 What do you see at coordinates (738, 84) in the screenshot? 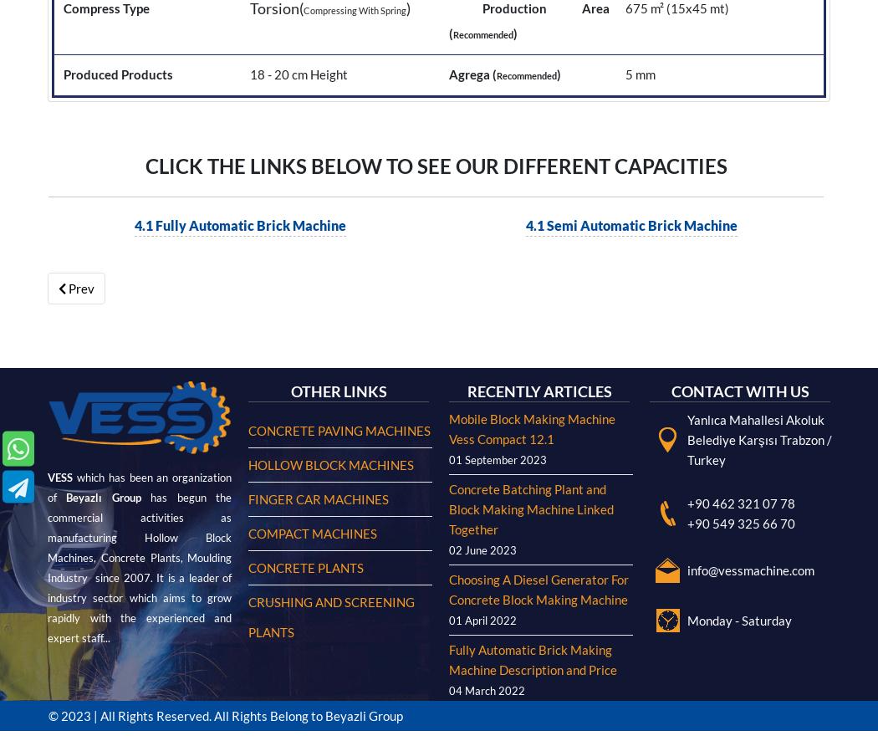
I see `'Monday - Saturday'` at bounding box center [738, 84].